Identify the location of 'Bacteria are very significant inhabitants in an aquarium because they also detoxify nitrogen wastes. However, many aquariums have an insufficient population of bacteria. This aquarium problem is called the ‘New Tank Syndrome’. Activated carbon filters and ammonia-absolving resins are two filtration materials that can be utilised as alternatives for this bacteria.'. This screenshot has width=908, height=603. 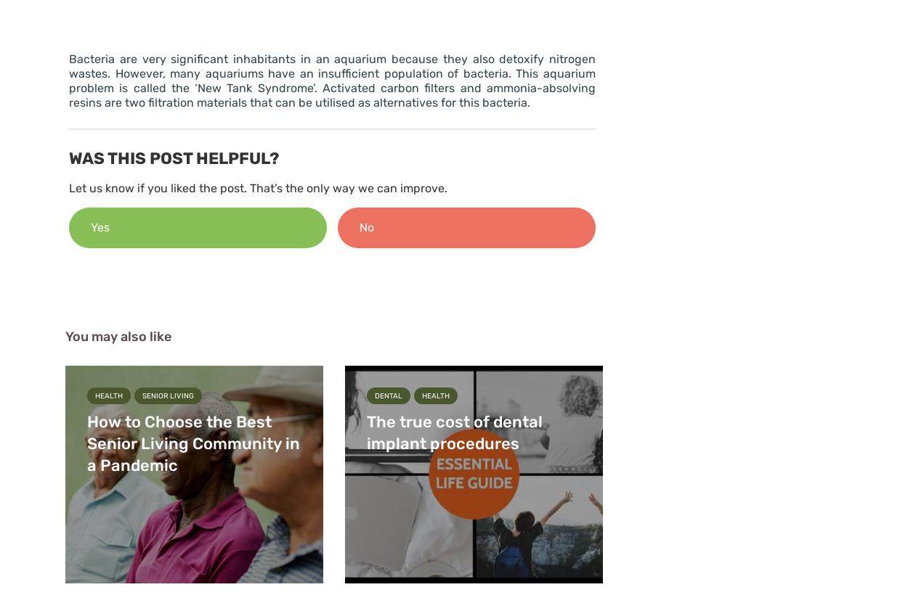
(68, 81).